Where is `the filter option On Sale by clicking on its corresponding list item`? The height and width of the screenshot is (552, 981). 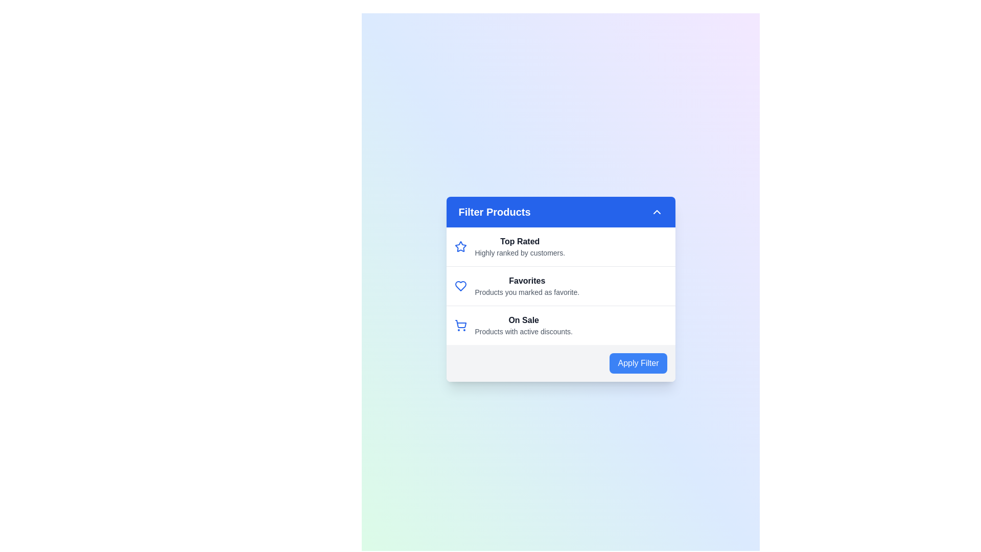 the filter option On Sale by clicking on its corresponding list item is located at coordinates (560, 325).